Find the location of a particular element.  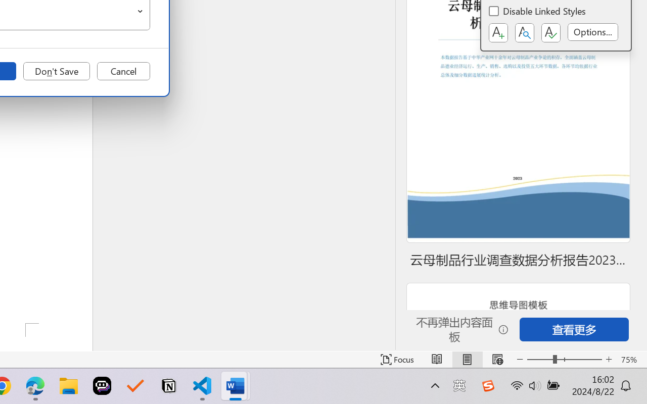

'Notion' is located at coordinates (169, 386).